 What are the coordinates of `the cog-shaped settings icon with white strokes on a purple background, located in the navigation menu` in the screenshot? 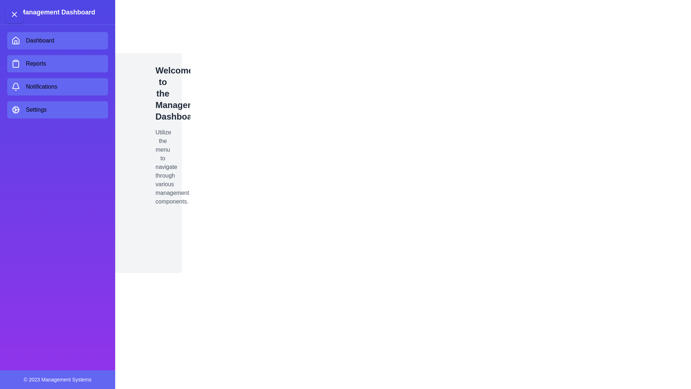 It's located at (15, 109).